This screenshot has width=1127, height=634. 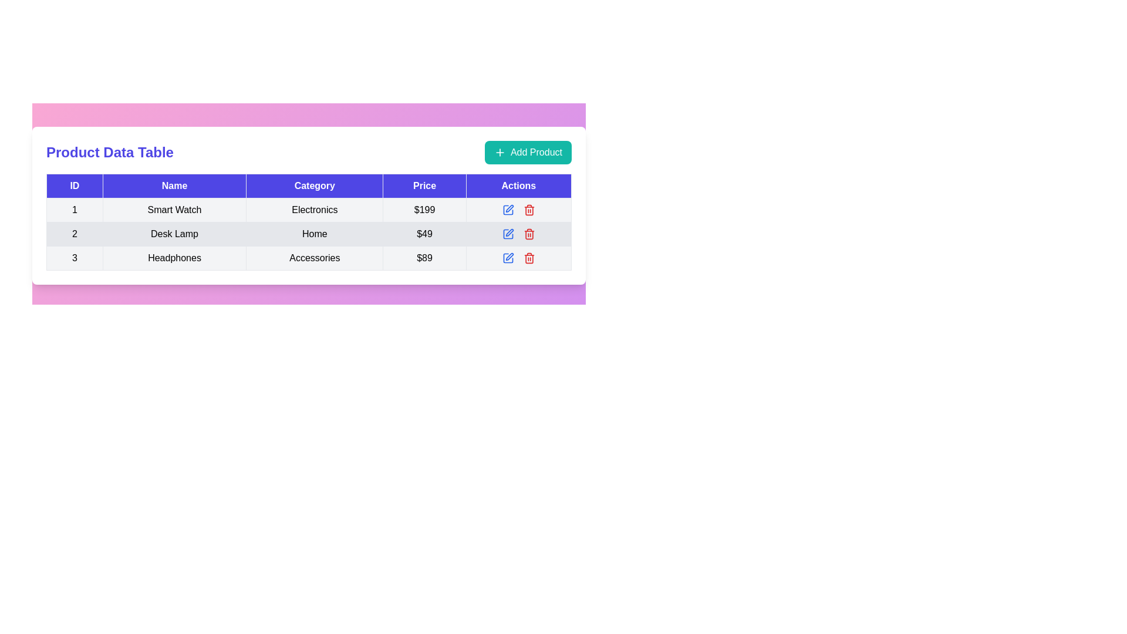 What do you see at coordinates (509, 207) in the screenshot?
I see `the pen-like icon in the action button group within the third row of the 'Actions' column to initiate edit mode` at bounding box center [509, 207].